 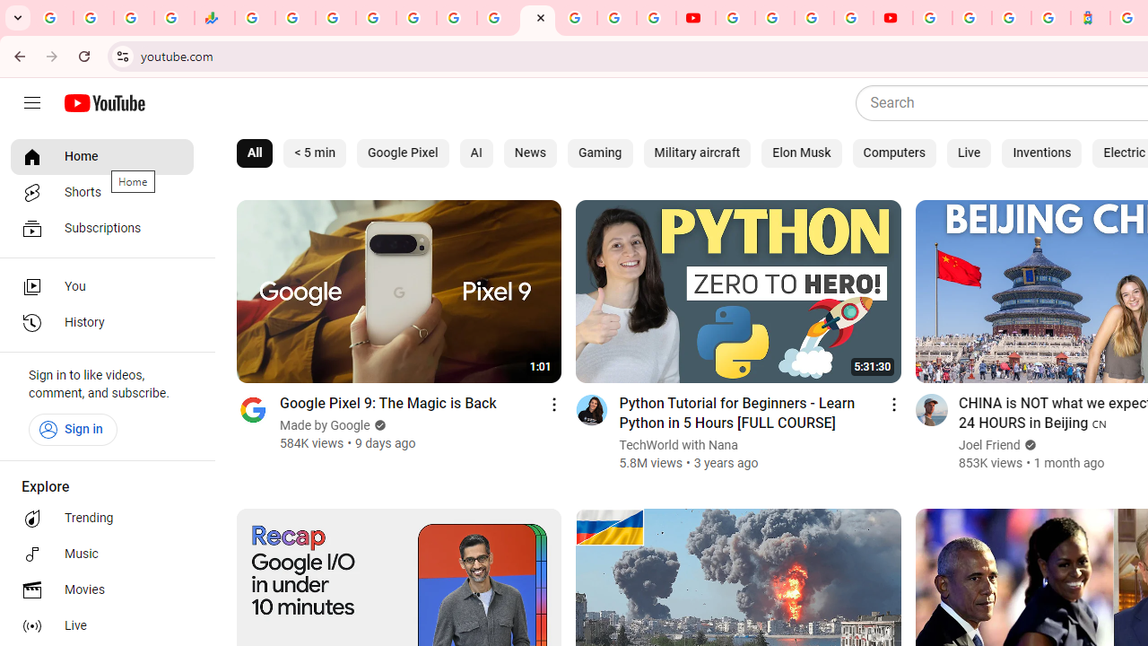 I want to click on 'Made by Google', so click(x=326, y=425).